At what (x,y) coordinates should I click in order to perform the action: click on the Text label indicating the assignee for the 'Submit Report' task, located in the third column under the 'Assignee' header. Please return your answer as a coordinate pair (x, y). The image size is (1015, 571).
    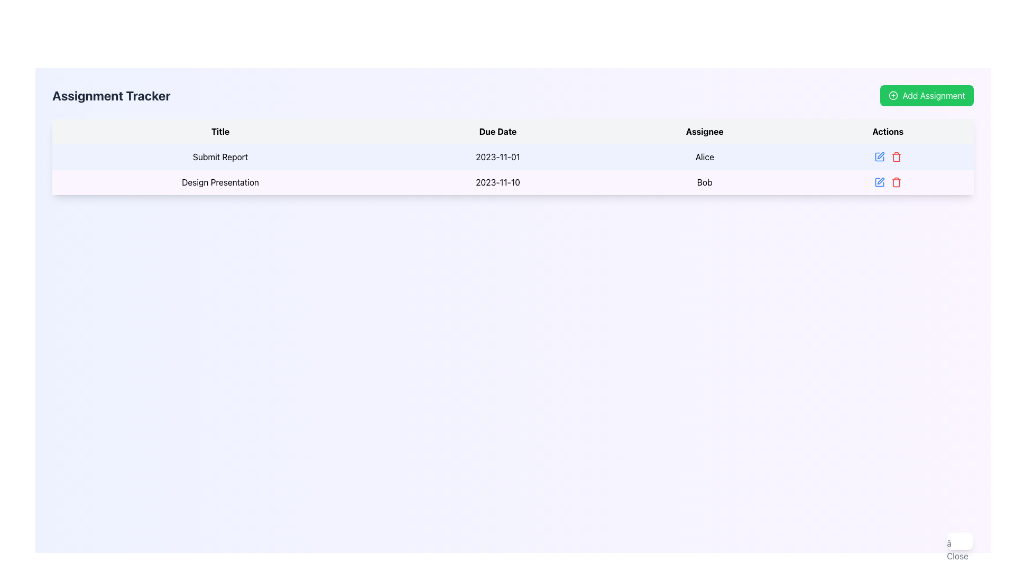
    Looking at the image, I should click on (705, 157).